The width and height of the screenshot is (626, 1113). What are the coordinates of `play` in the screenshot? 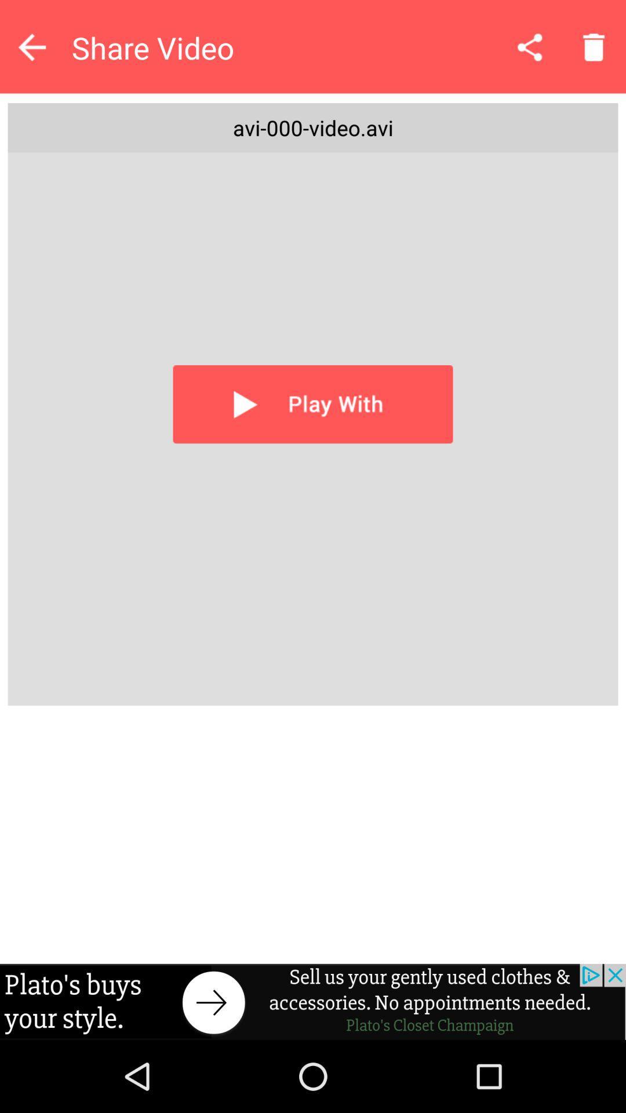 It's located at (313, 404).